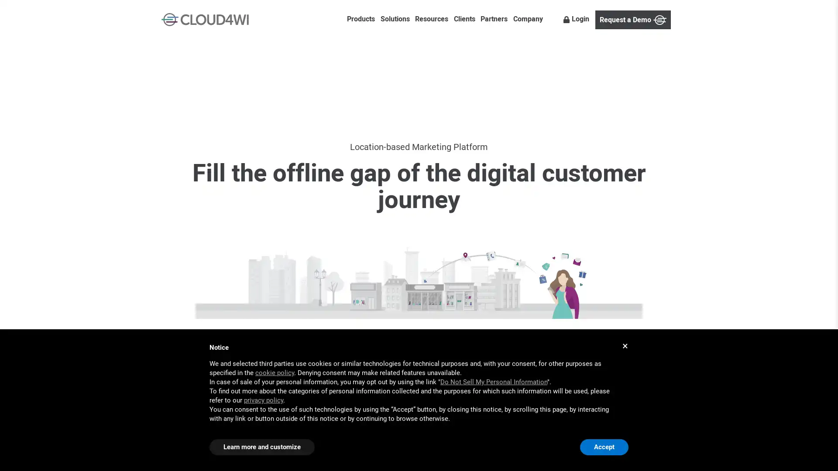 Image resolution: width=838 pixels, height=471 pixels. I want to click on Accept, so click(604, 447).